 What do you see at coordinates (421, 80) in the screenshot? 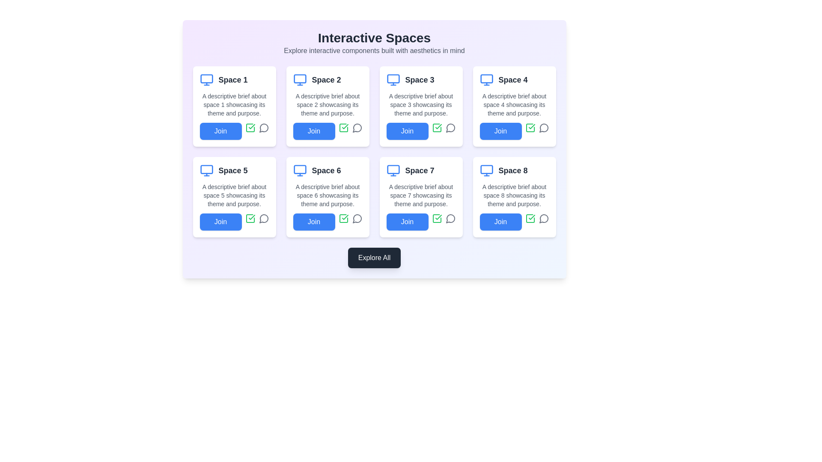
I see `the Text with icon label in the third card from the left in the top row of the grid` at bounding box center [421, 80].